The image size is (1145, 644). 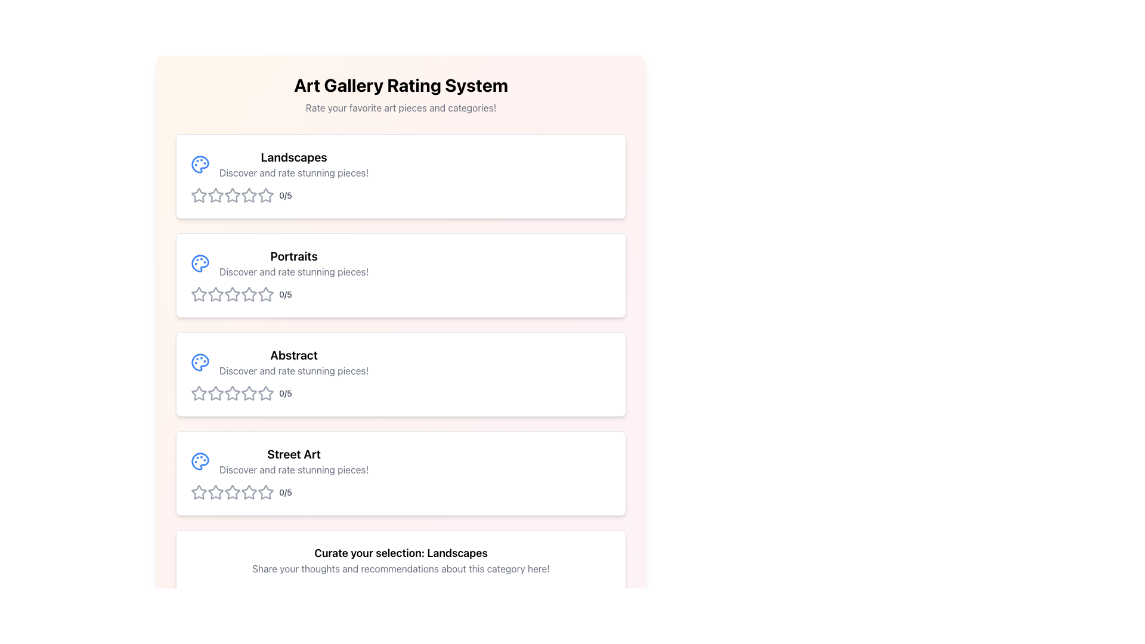 What do you see at coordinates (232, 194) in the screenshot?
I see `the second star rating icon in the row of five stars located below the text 'Landscapes - Discover and rate stunning pieces!'` at bounding box center [232, 194].